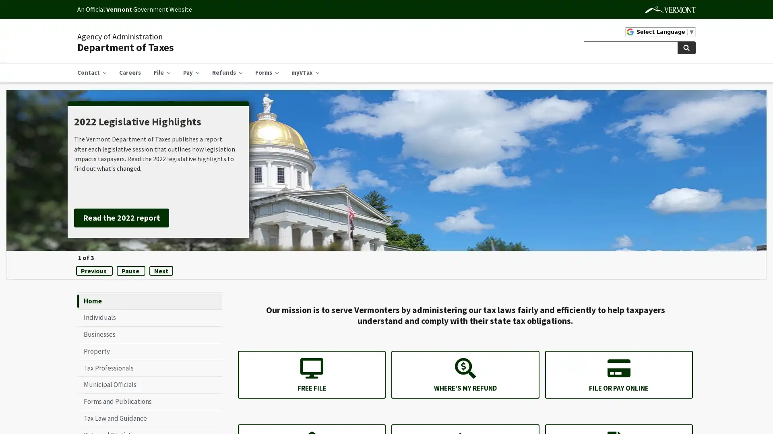  What do you see at coordinates (191, 73) in the screenshot?
I see `Pay` at bounding box center [191, 73].